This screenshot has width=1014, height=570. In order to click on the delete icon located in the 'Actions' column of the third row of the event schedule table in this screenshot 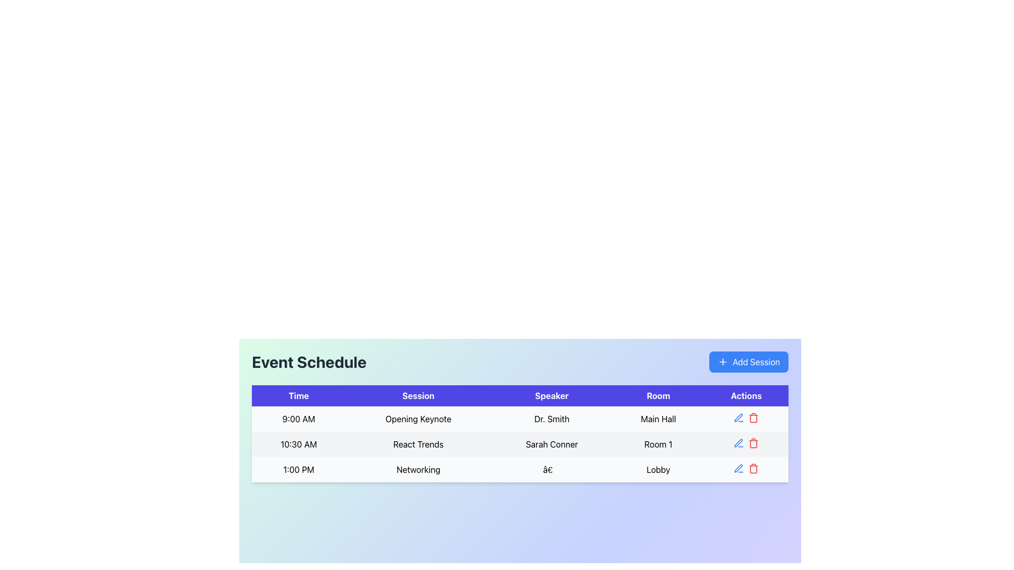, I will do `click(753, 417)`.